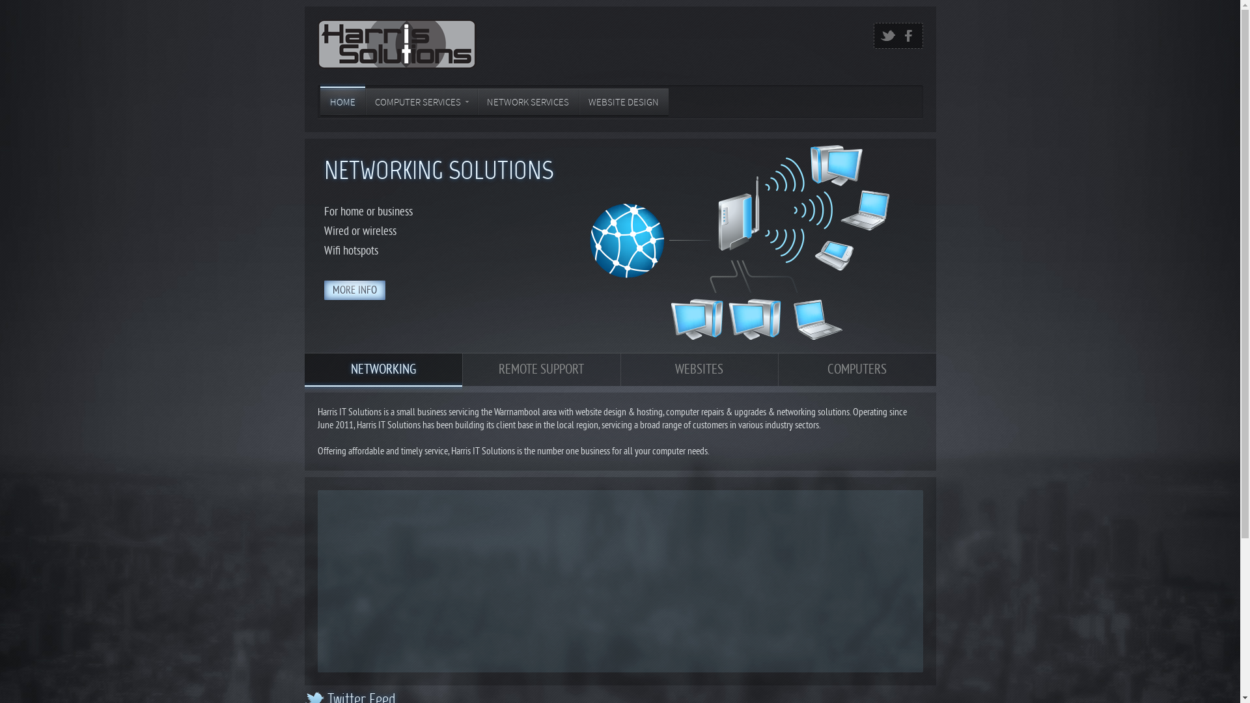 The width and height of the screenshot is (1250, 703). Describe the element at coordinates (622, 101) in the screenshot. I see `'WEBSITE DESIGN'` at that location.